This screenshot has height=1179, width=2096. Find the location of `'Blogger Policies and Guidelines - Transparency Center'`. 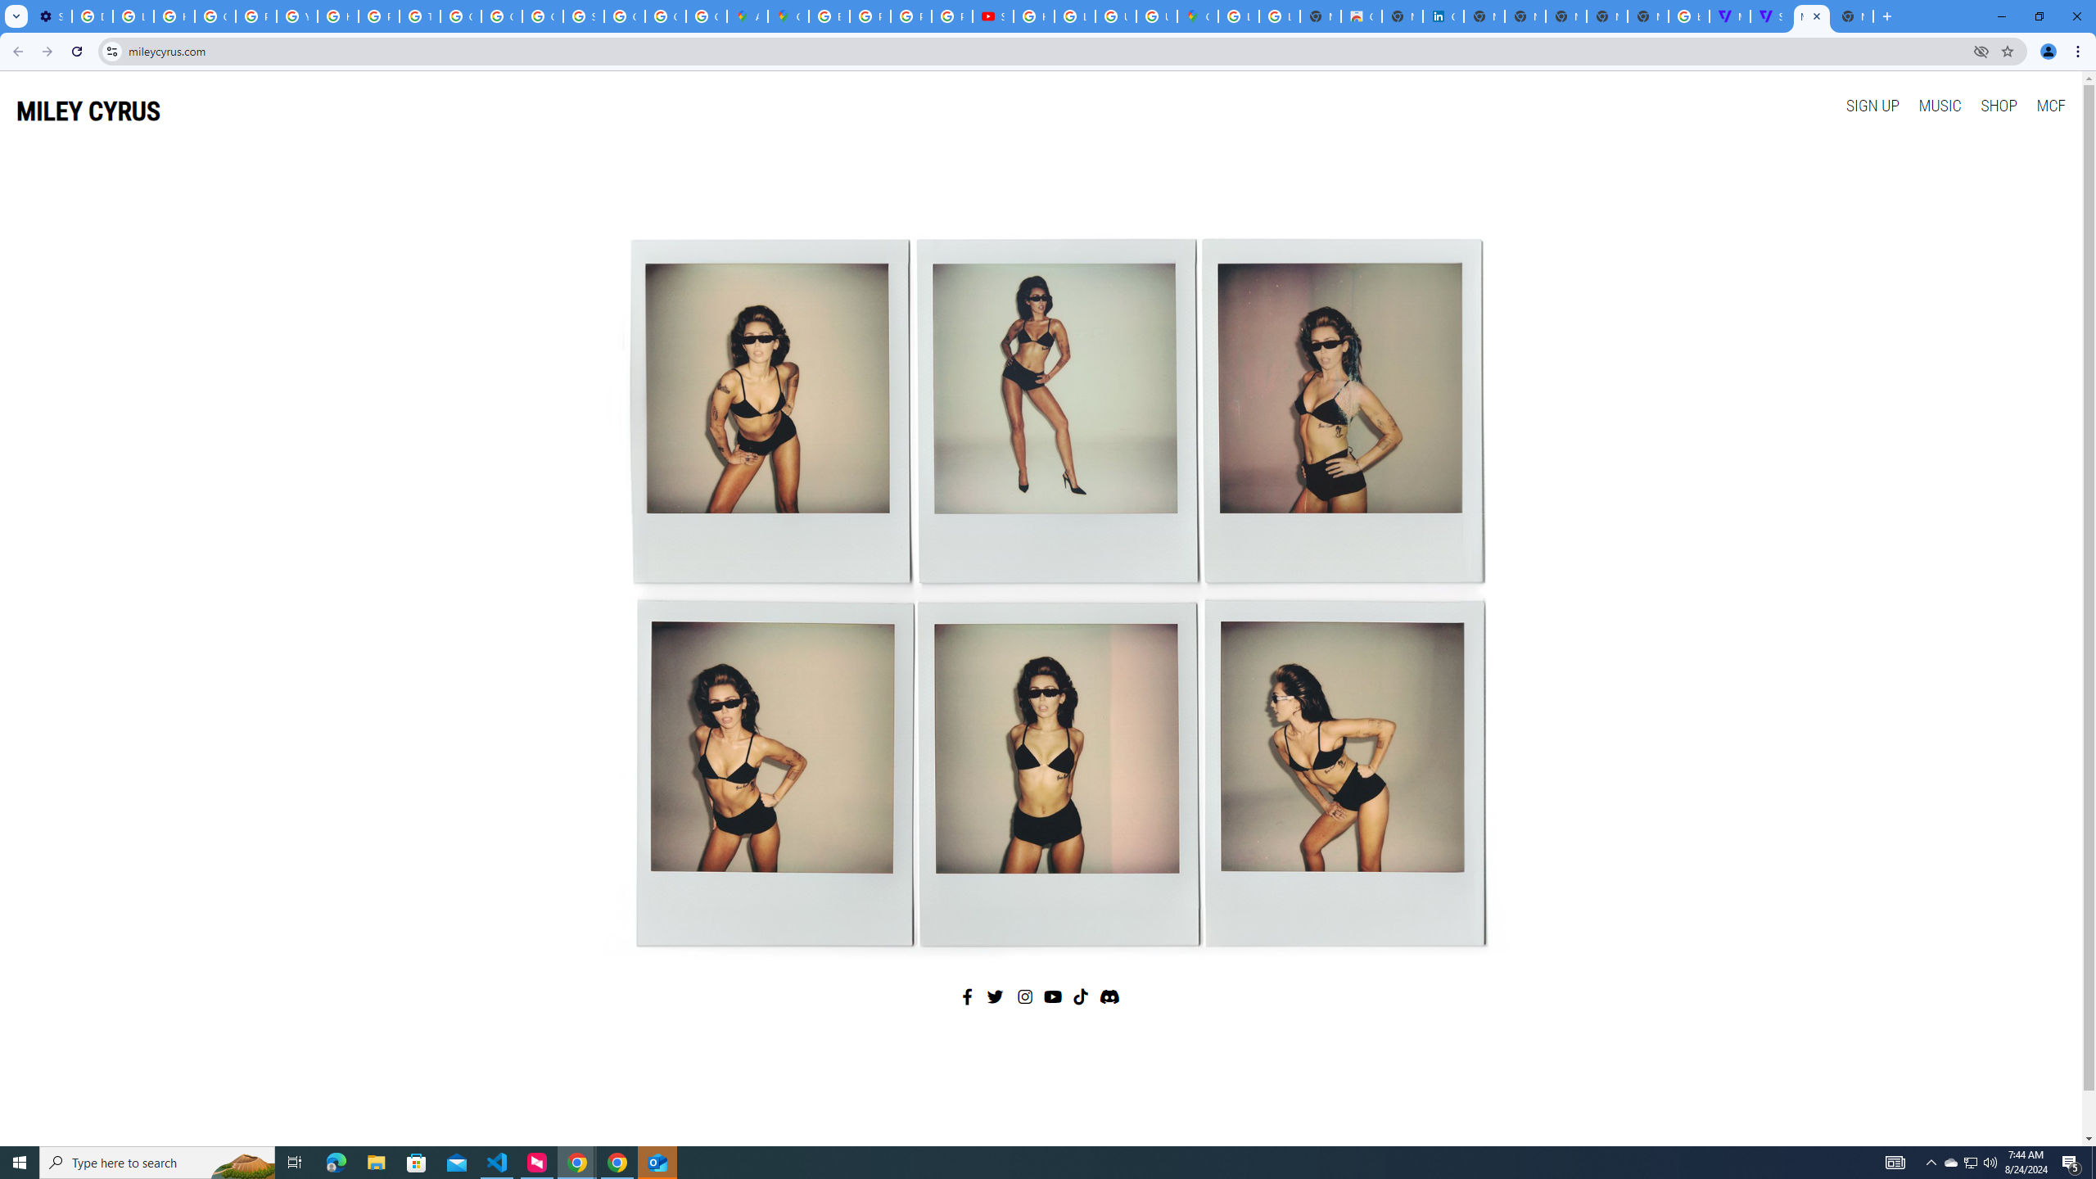

'Blogger Policies and Guidelines - Transparency Center' is located at coordinates (828, 16).